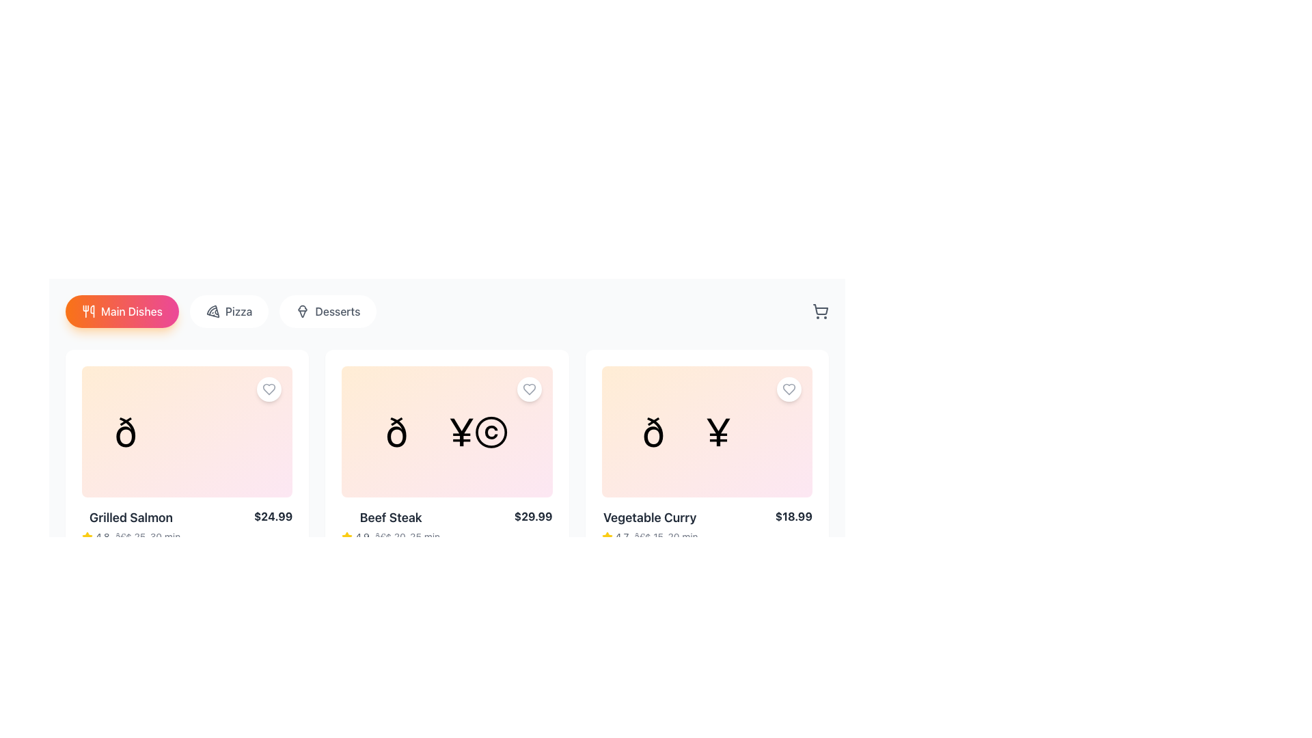 The image size is (1312, 738). I want to click on the second interactive card representing 'Beef Steak' in the 'Main Dishes' category, so click(447, 432).